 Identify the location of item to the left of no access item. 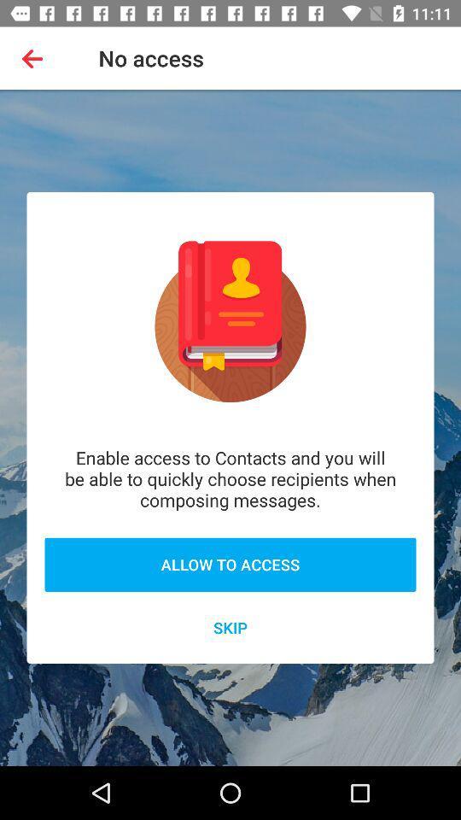
(36, 58).